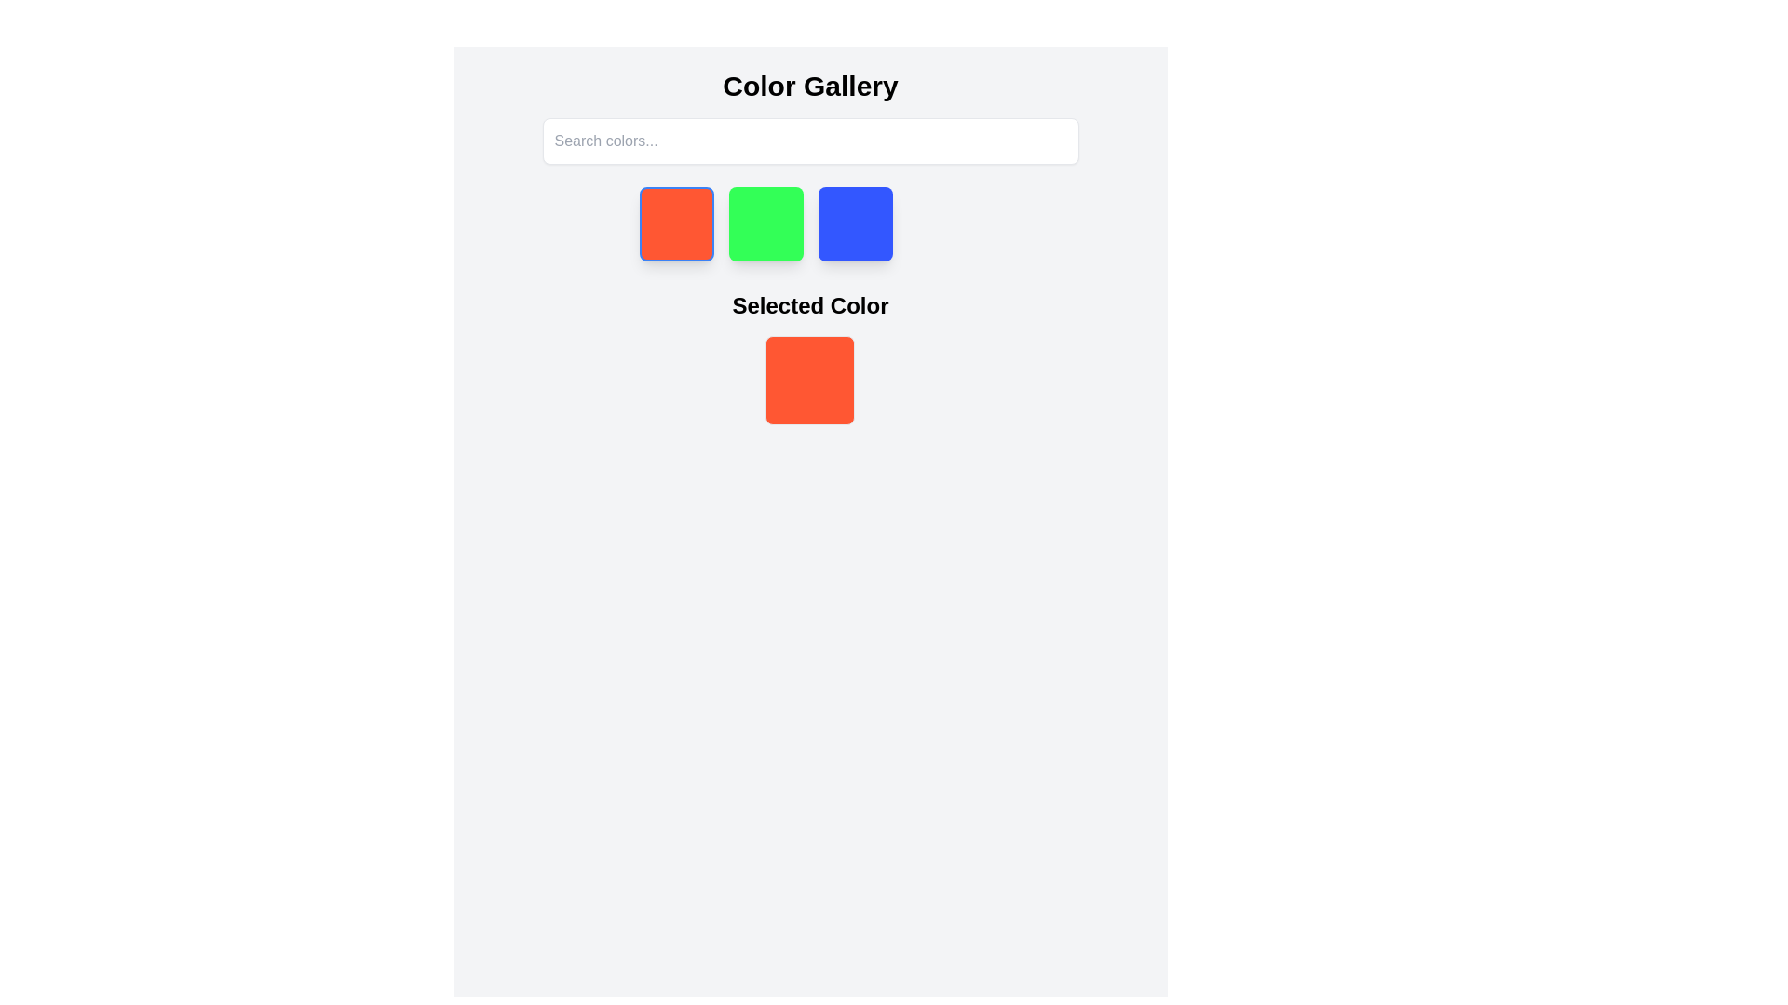  I want to click on the static label indicating the purpose of the area below it, which displays the currently selected color block. This label is positioned above the colored square block, so click(810, 304).